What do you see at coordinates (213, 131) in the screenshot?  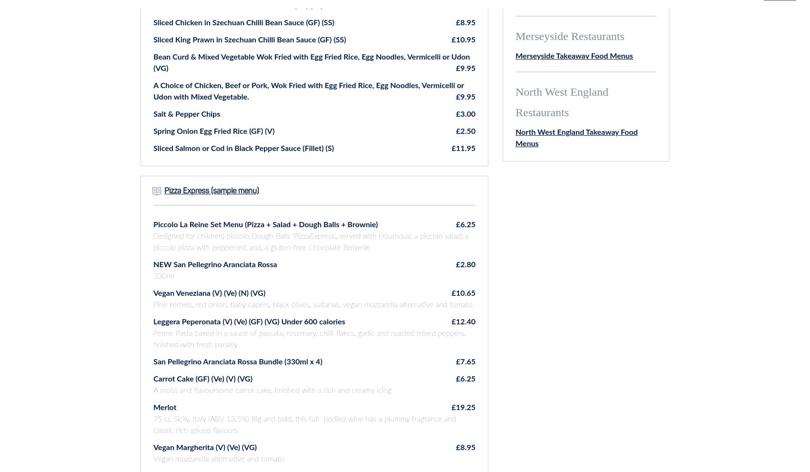 I see `'Spring Onion Egg Fried Rice (GF) (V)'` at bounding box center [213, 131].